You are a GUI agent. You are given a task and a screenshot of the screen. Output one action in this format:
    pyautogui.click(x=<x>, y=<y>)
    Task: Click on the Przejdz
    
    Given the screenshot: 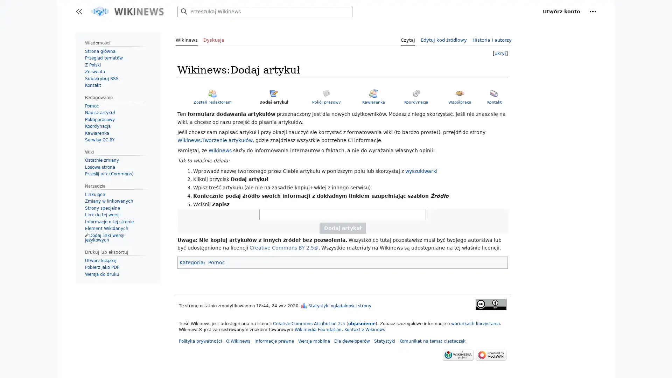 What is the action you would take?
    pyautogui.click(x=184, y=12)
    